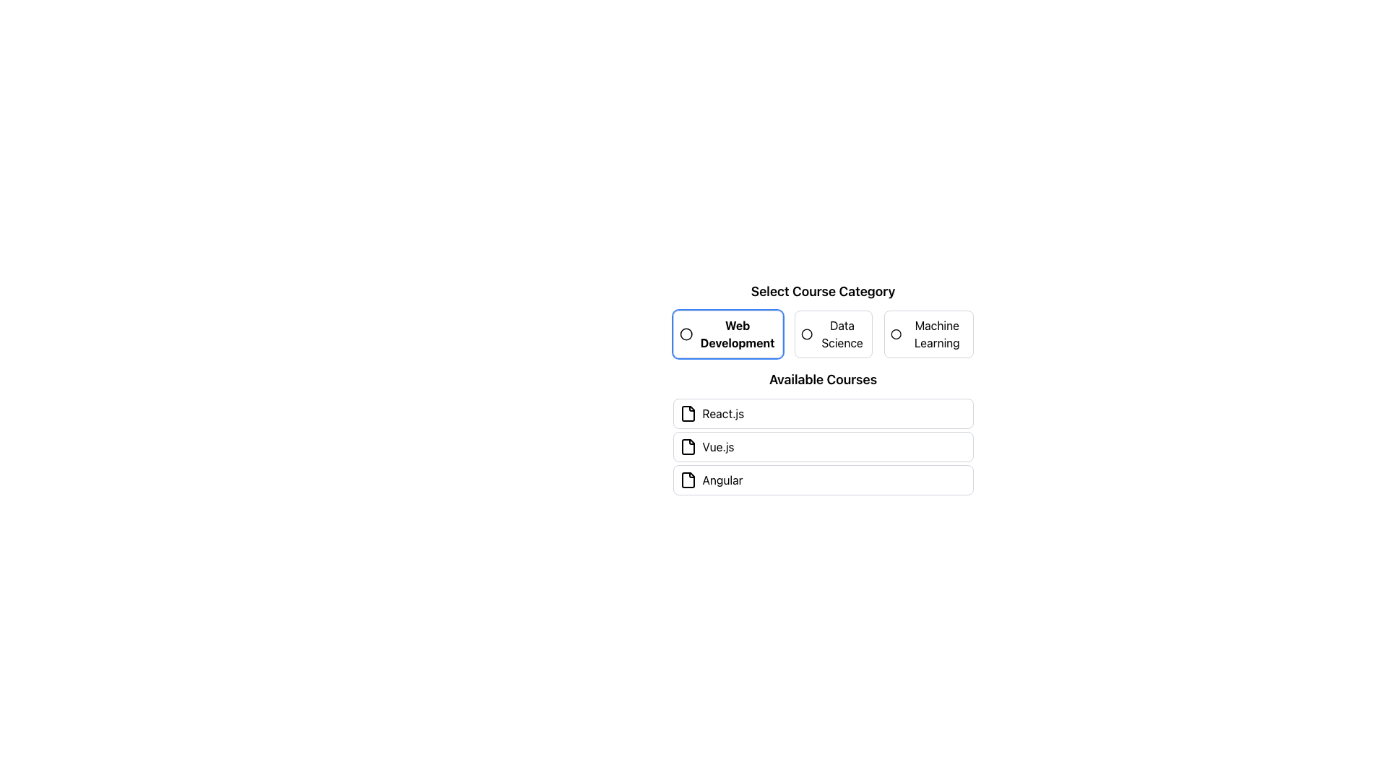 The height and width of the screenshot is (780, 1387). Describe the element at coordinates (823, 378) in the screenshot. I see `the text label reading 'Available Courses' which is prominently displayed above the list of course options` at that location.